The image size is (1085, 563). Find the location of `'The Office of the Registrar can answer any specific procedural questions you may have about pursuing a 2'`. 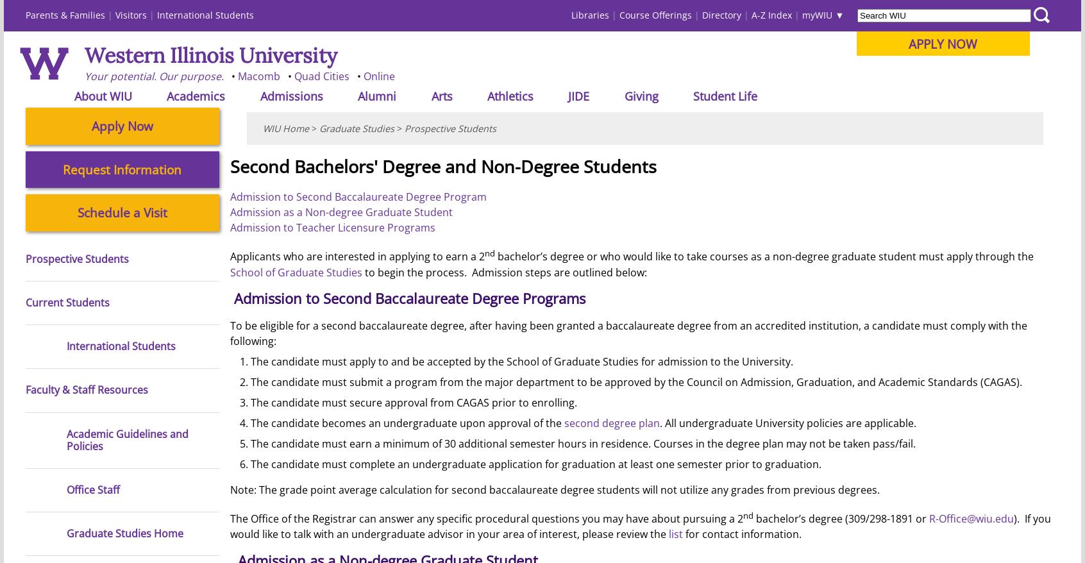

'The Office of the Registrar can answer any specific procedural questions you may have about pursuing a 2' is located at coordinates (485, 517).